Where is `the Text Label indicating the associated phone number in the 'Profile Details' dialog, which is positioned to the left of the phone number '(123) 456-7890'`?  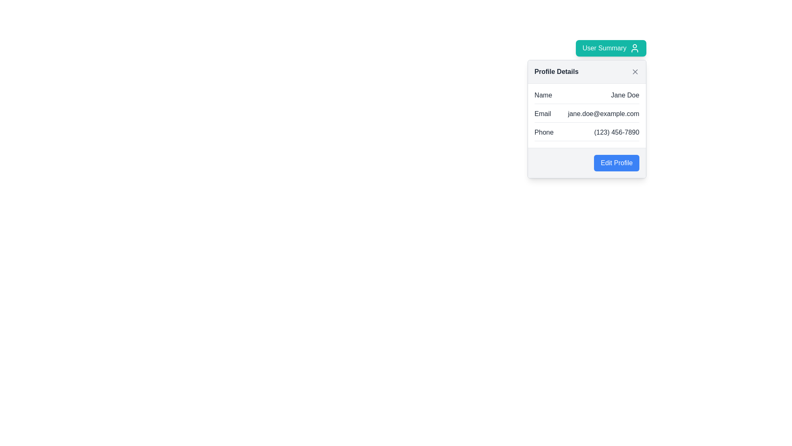
the Text Label indicating the associated phone number in the 'Profile Details' dialog, which is positioned to the left of the phone number '(123) 456-7890' is located at coordinates (544, 132).